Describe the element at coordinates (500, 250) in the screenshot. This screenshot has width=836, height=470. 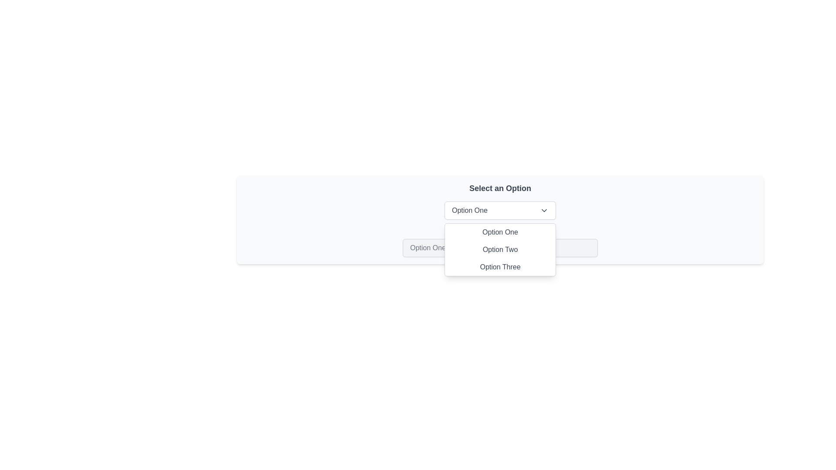
I see `the second option in the dropdown menu` at that location.